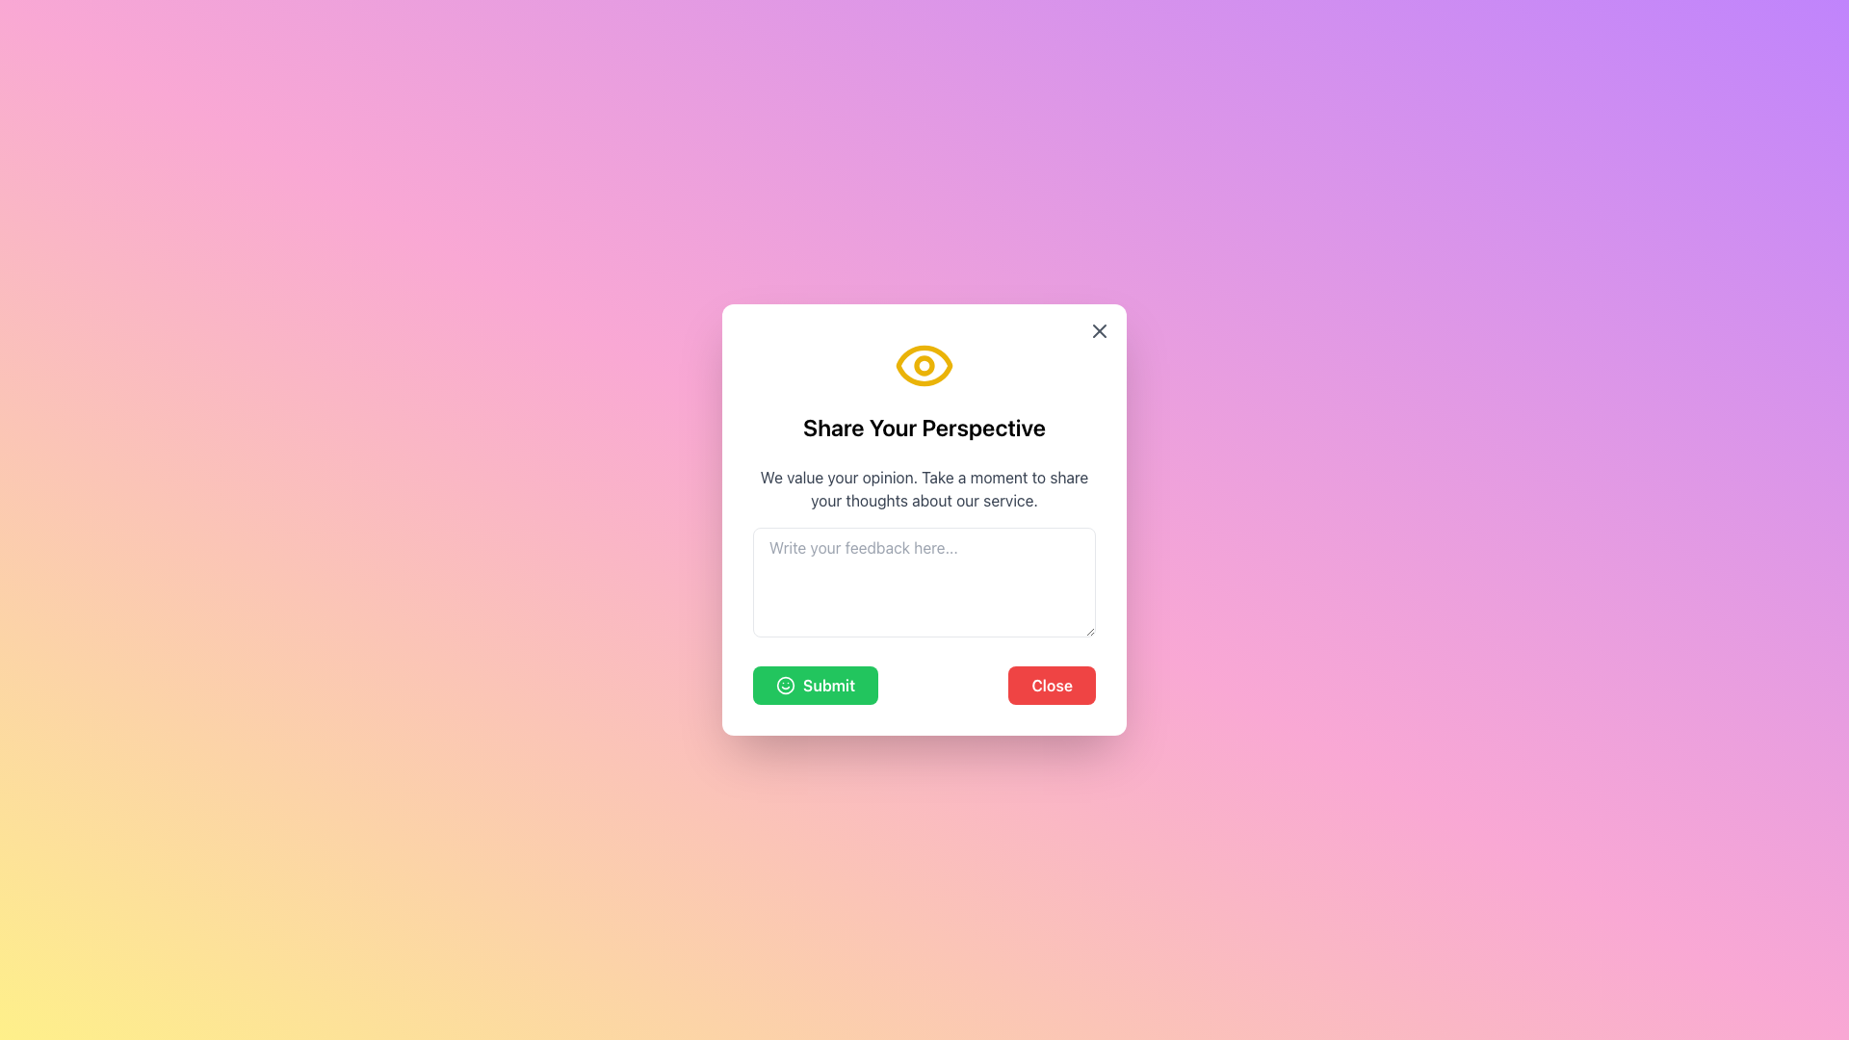 The width and height of the screenshot is (1849, 1040). What do you see at coordinates (809, 689) in the screenshot?
I see `the Submit Button located at the bottom-left of the modal dialog` at bounding box center [809, 689].